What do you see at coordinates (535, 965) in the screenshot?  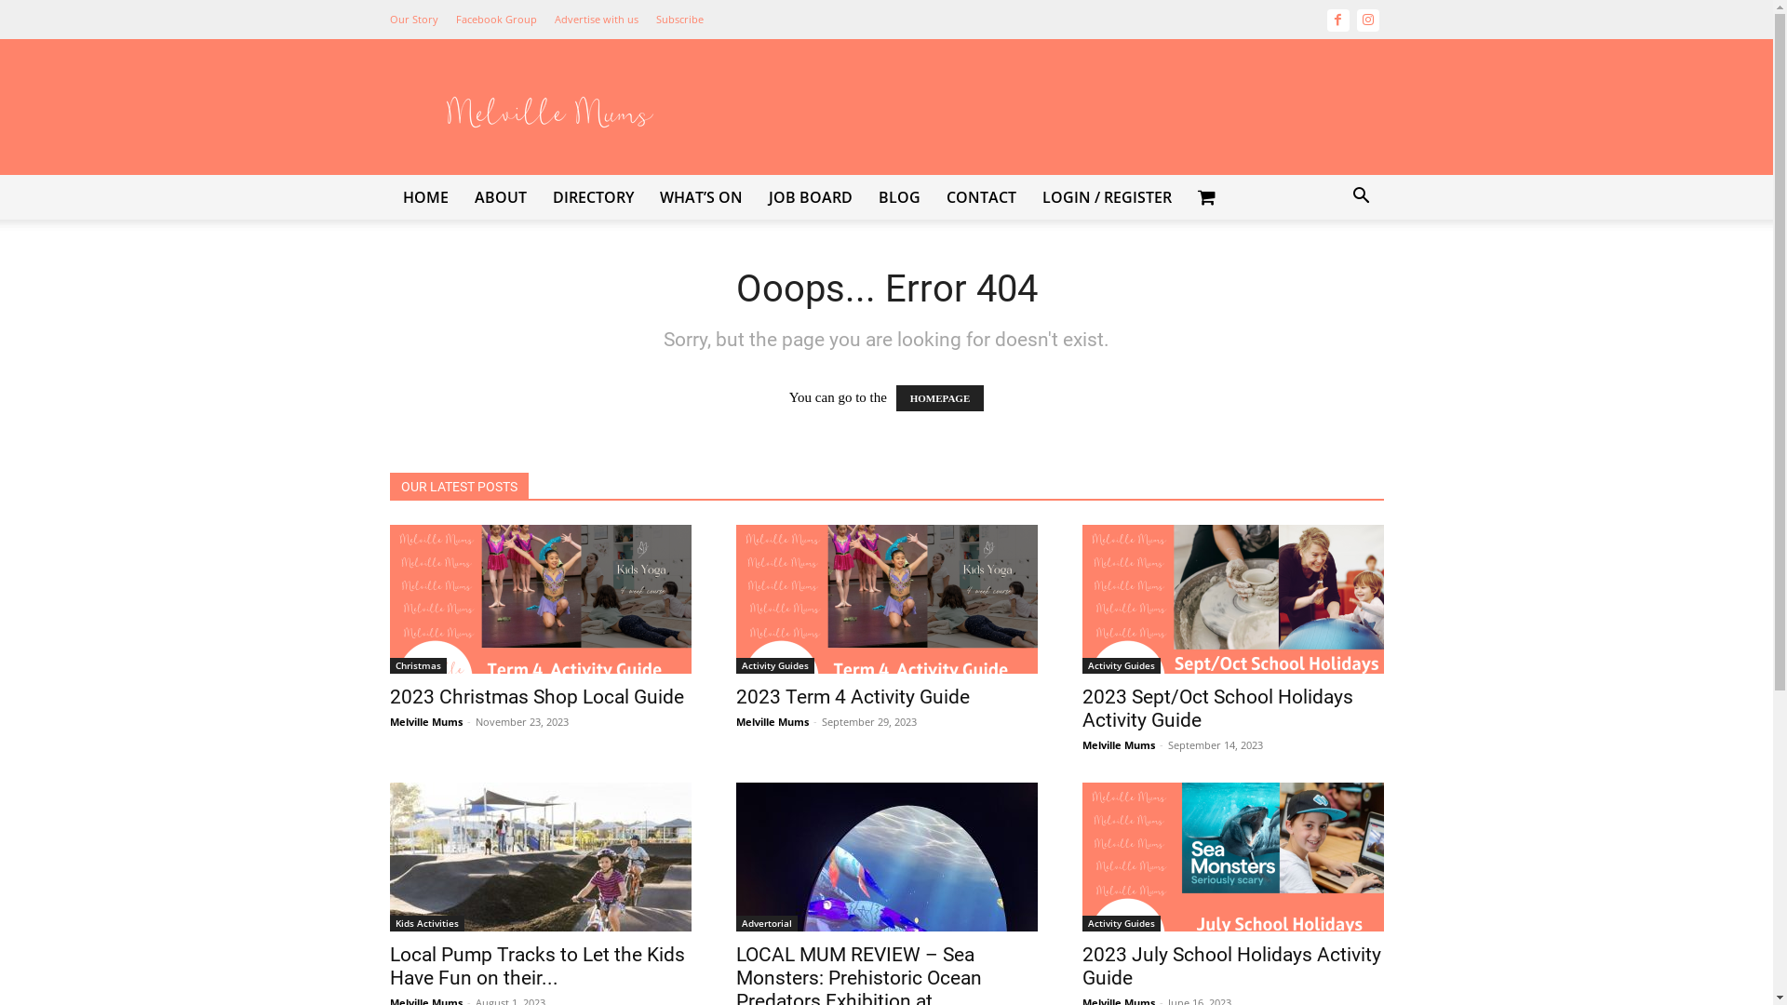 I see `'Local Pump Tracks to Let the Kids Have Fun on their...'` at bounding box center [535, 965].